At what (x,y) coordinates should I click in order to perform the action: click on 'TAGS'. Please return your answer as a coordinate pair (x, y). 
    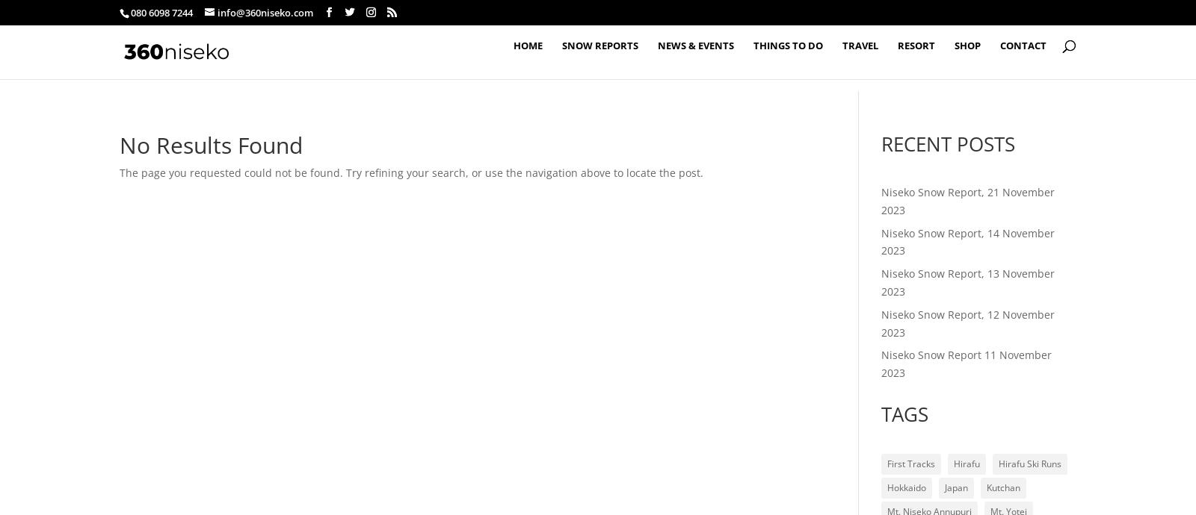
    Looking at the image, I should click on (880, 413).